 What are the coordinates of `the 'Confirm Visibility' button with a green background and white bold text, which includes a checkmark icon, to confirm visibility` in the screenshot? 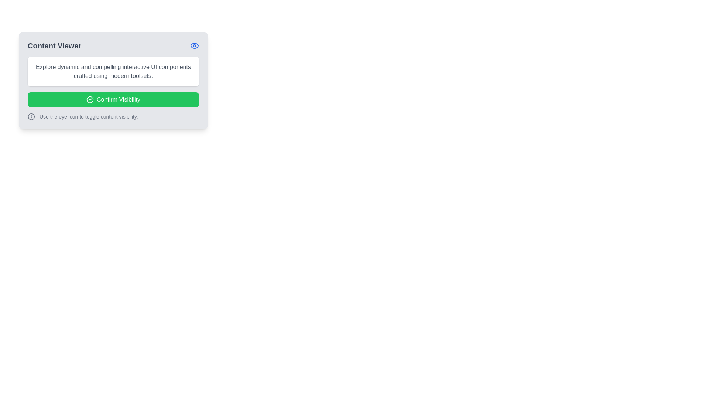 It's located at (113, 100).